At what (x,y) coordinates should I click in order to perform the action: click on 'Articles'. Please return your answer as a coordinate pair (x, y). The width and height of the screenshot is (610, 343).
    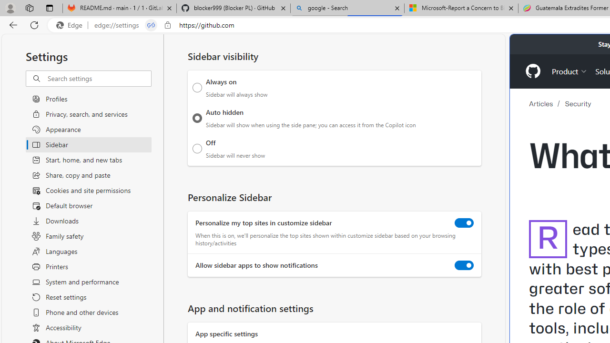
    Looking at the image, I should click on (547, 103).